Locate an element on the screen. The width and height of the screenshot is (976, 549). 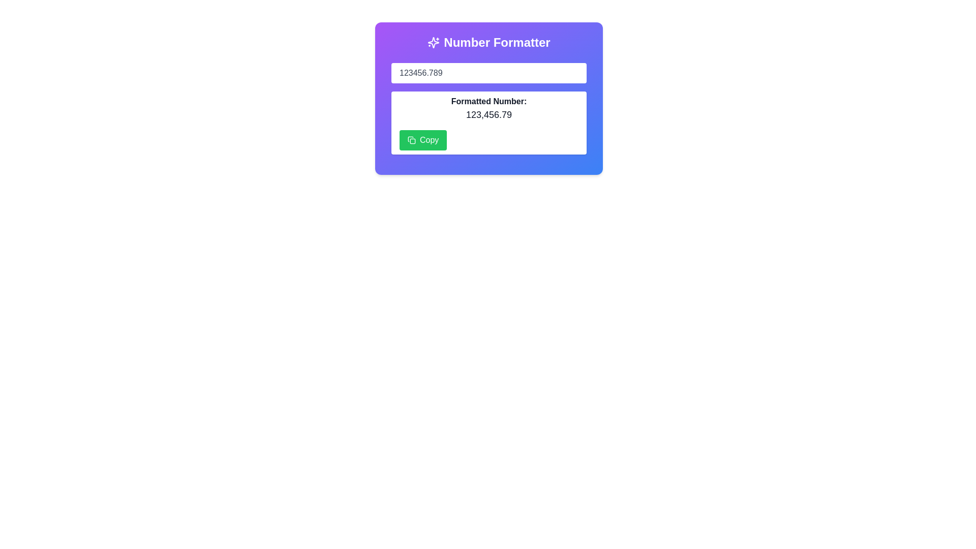
the copy icon, which is a small graphical icon styled as a minimalist square with rounded corners, located within the green 'Copy' button is located at coordinates (412, 140).